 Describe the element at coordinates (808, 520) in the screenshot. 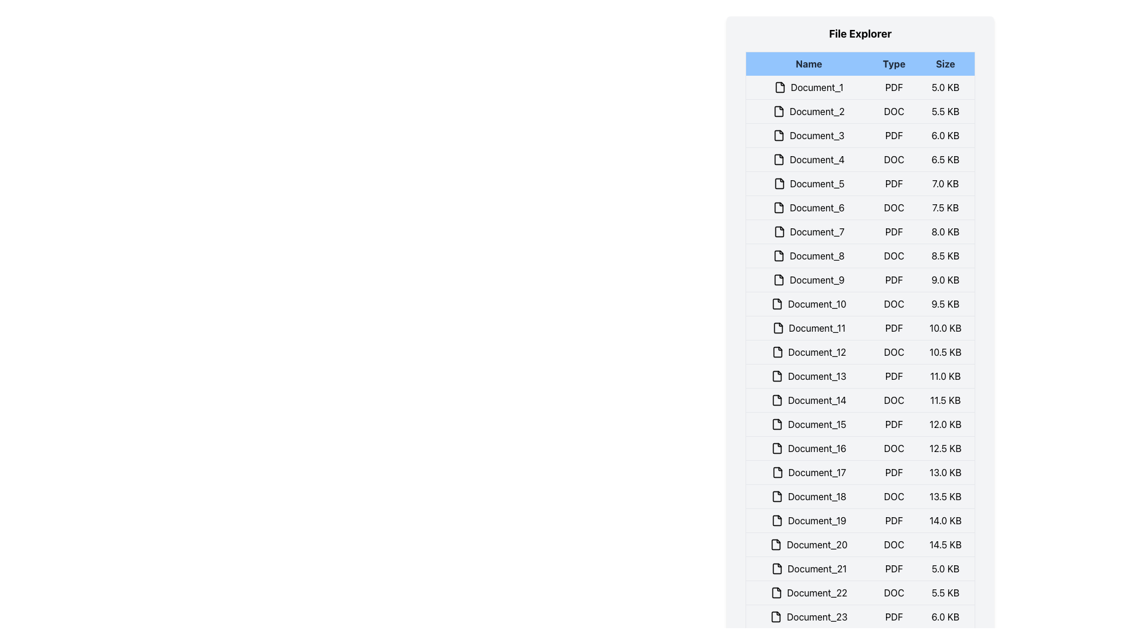

I see `the label 'Document_19' which is accompanied by a document file icon, located in a file explorer table row` at that location.